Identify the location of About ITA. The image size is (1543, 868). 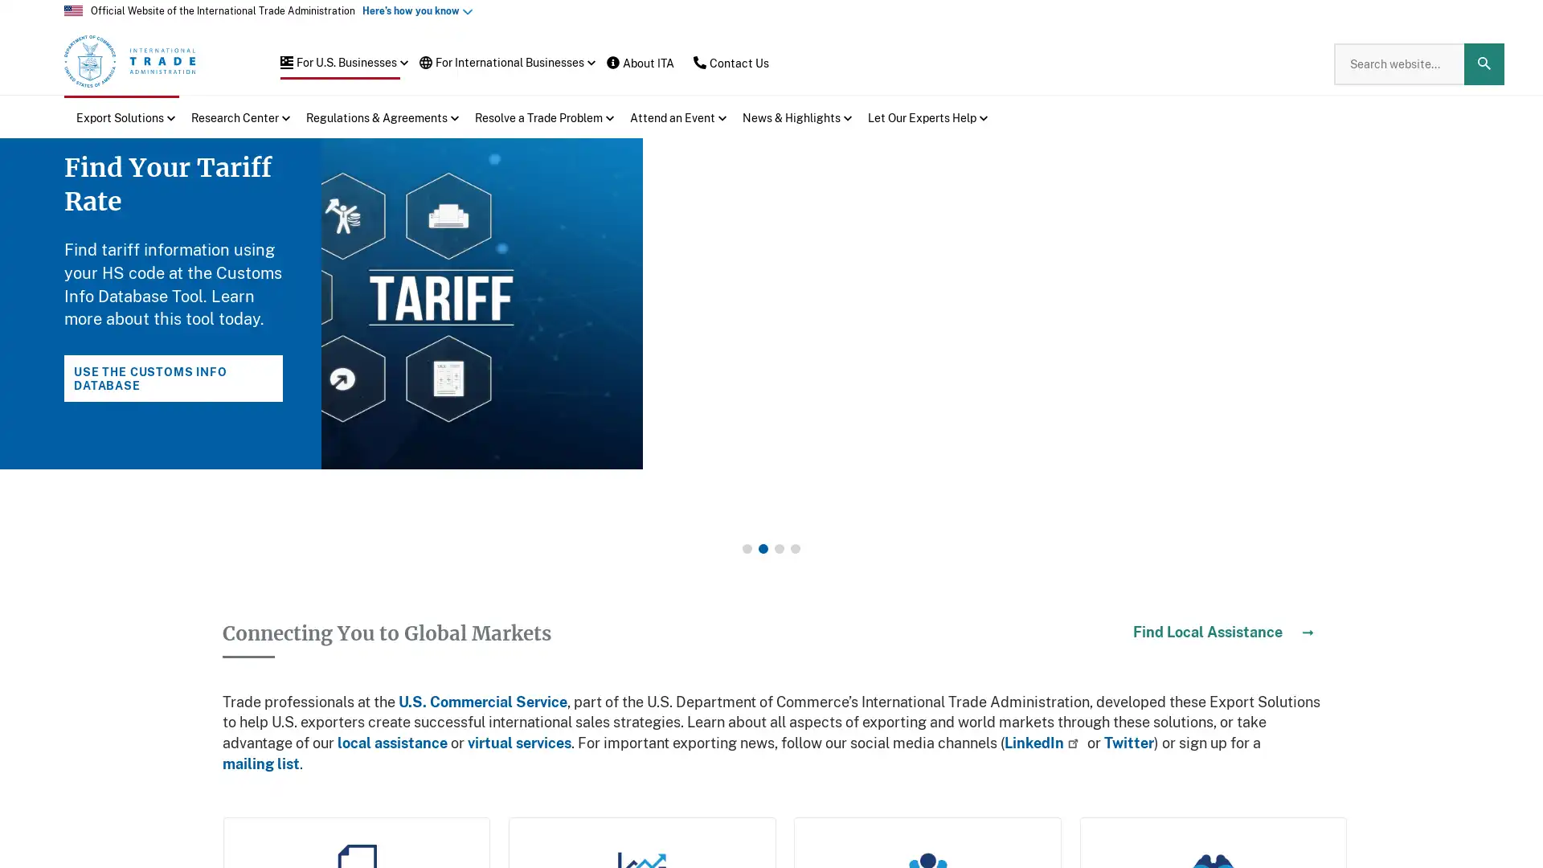
(639, 62).